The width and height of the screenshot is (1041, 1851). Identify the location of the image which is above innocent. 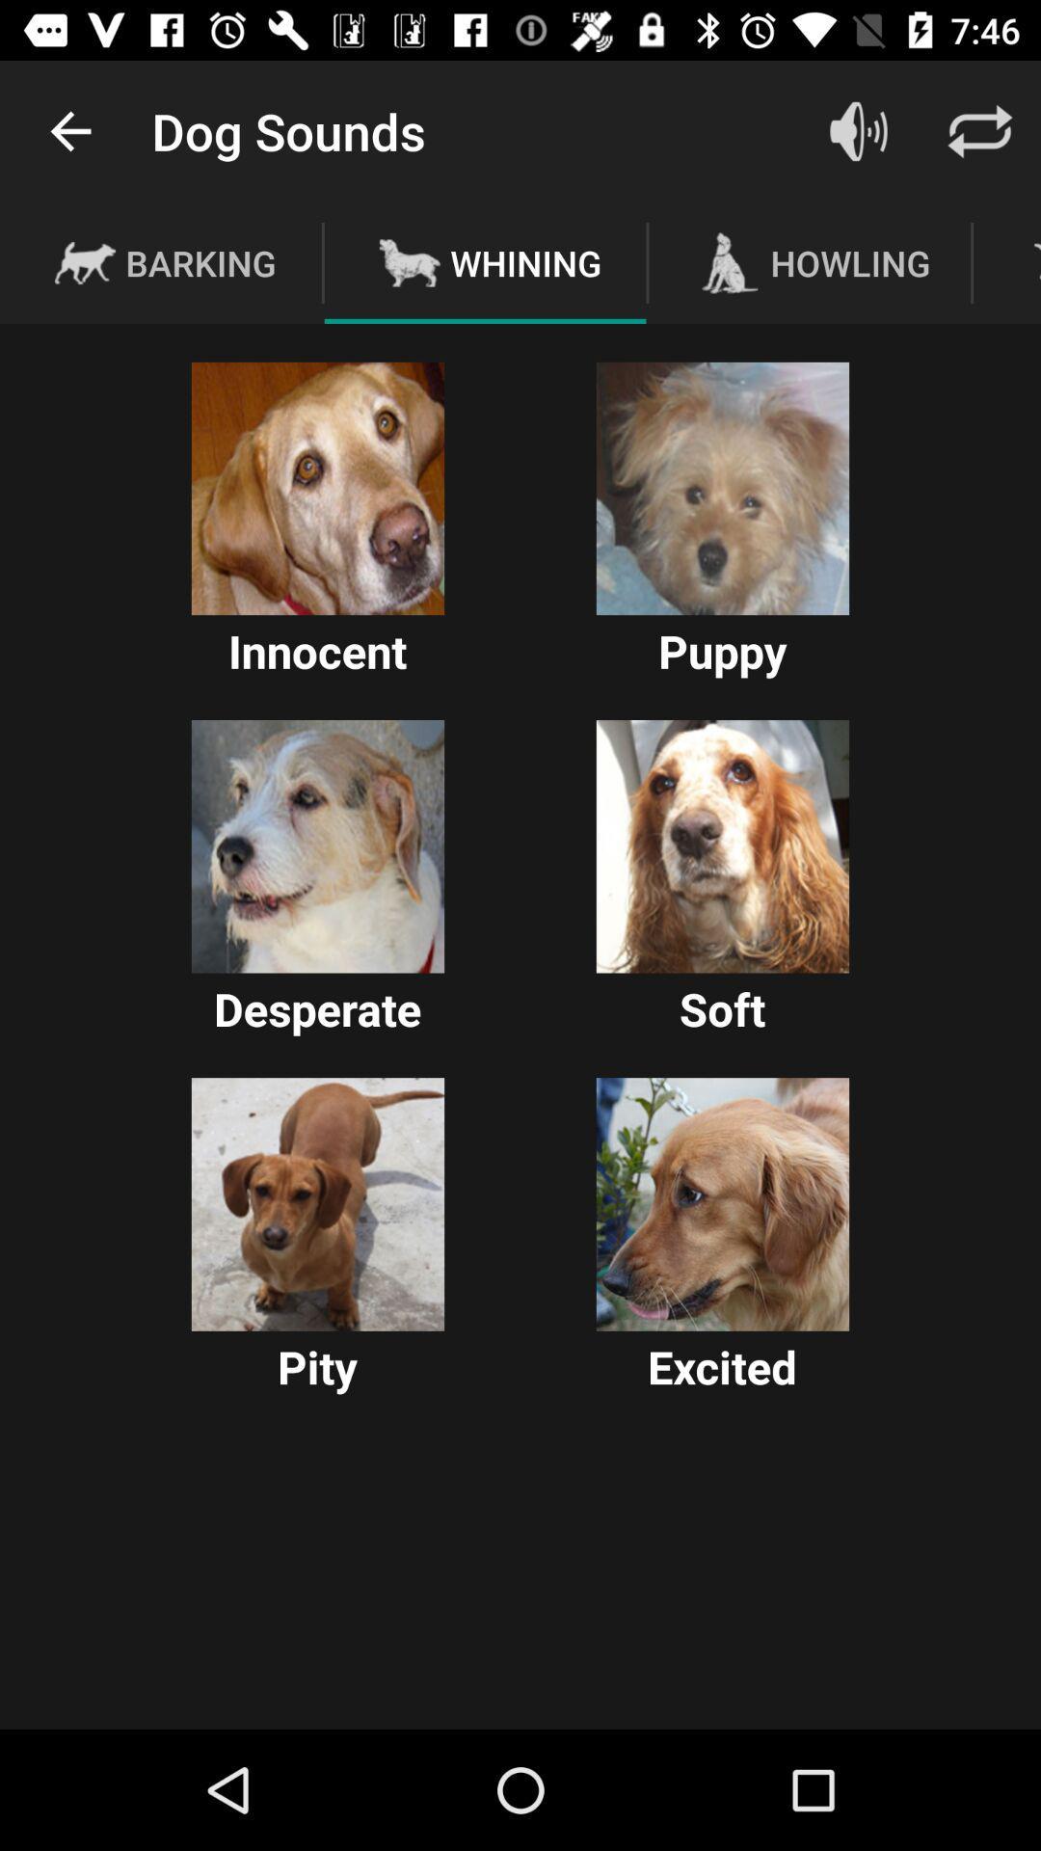
(317, 489).